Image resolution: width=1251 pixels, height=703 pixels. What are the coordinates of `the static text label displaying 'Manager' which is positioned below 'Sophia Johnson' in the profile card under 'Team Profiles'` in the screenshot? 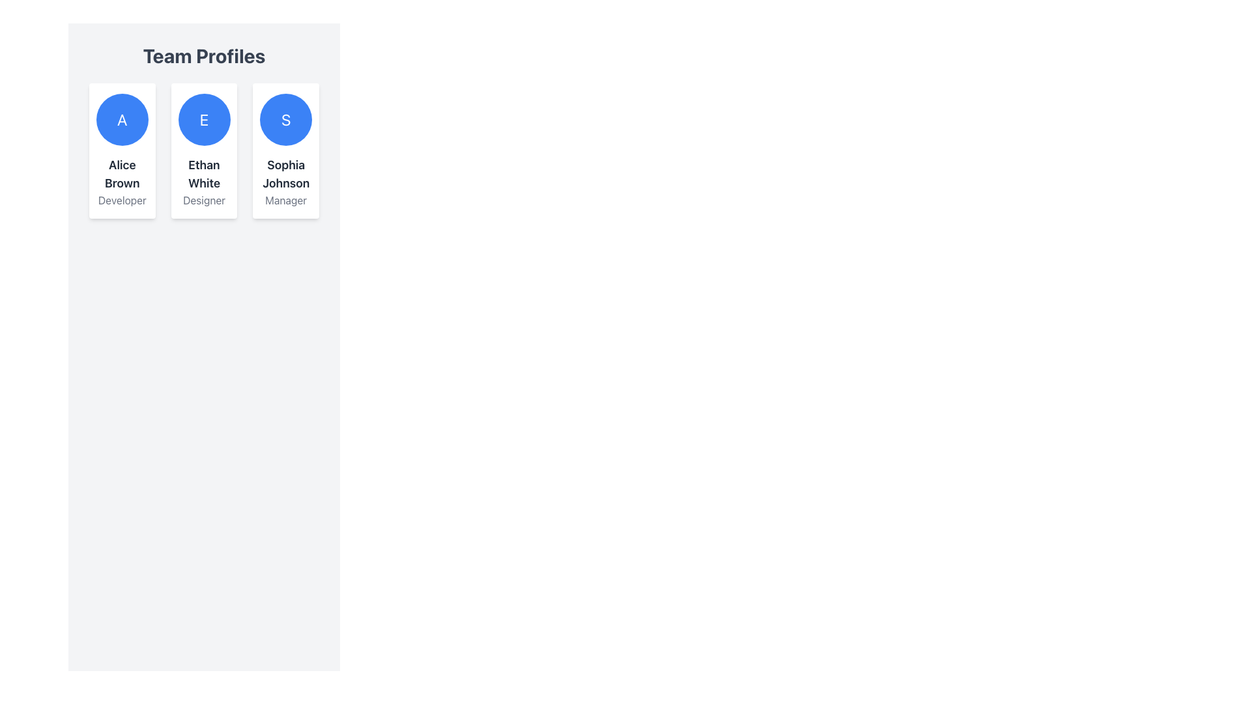 It's located at (285, 200).